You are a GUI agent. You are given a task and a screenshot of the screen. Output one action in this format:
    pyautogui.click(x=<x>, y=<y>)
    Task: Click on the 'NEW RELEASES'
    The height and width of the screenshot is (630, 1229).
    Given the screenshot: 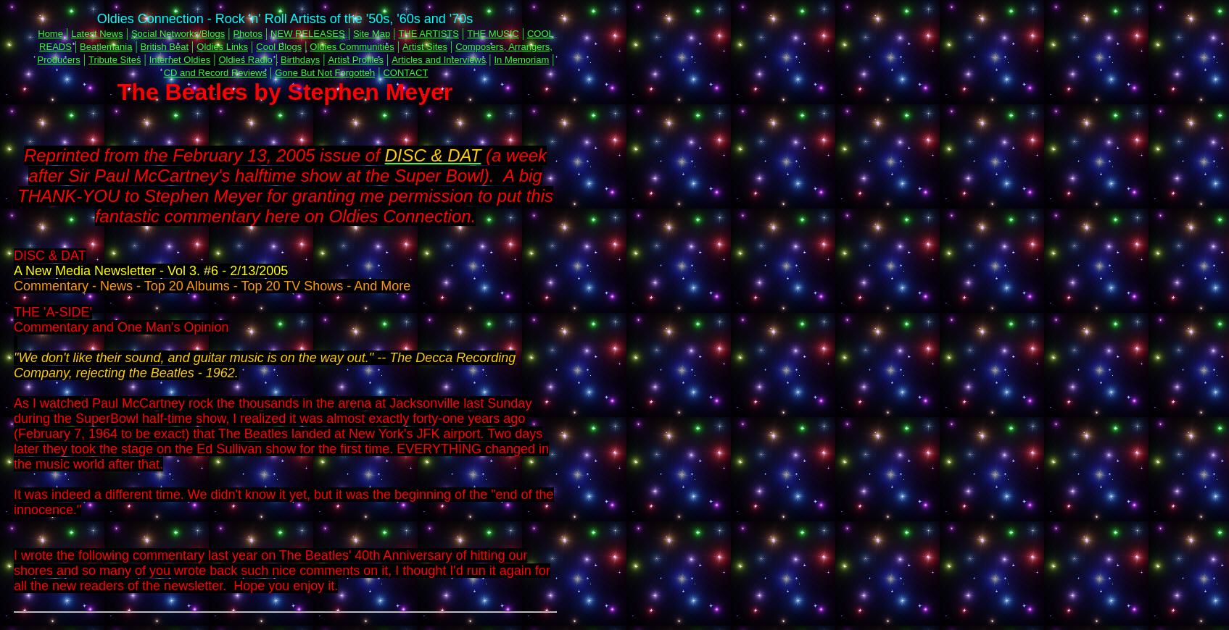 What is the action you would take?
    pyautogui.click(x=307, y=33)
    